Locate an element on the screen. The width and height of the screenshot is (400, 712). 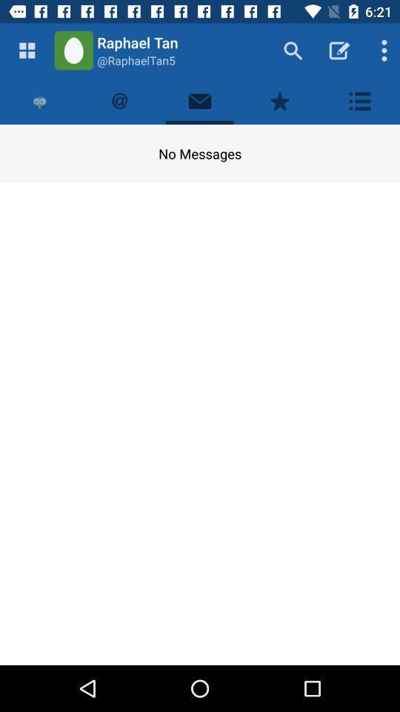
sitting is located at coordinates (359, 100).